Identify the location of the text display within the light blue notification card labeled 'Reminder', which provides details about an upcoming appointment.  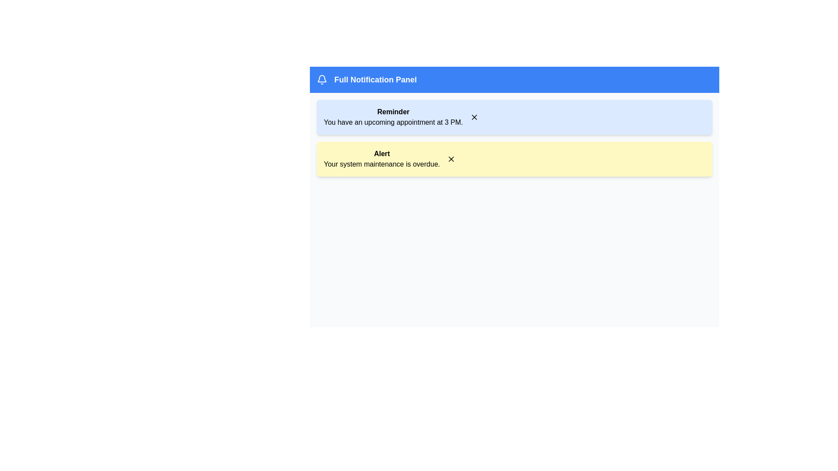
(393, 123).